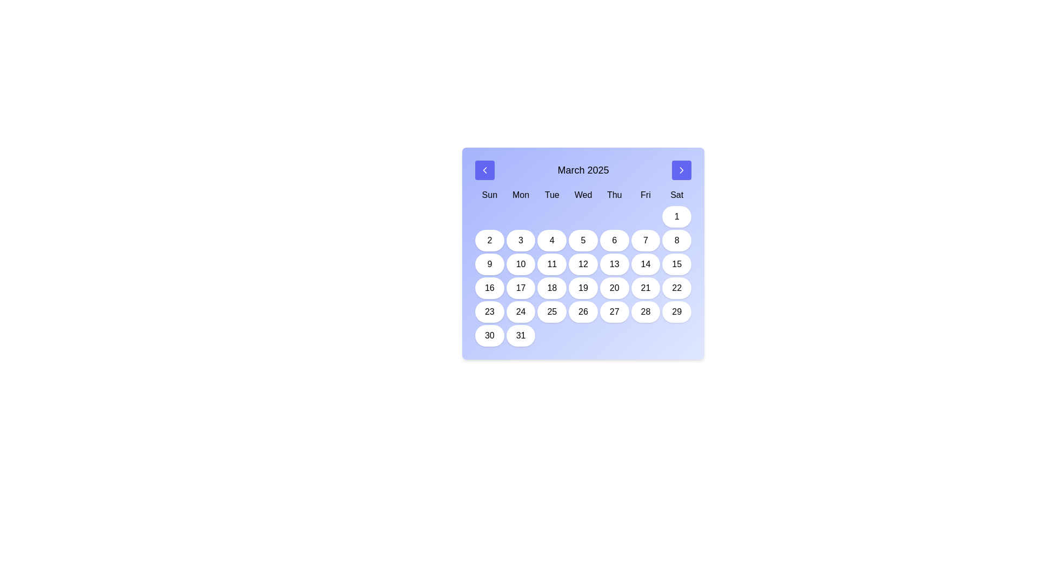  I want to click on the label displaying 'Sun' in bold text, so click(489, 195).